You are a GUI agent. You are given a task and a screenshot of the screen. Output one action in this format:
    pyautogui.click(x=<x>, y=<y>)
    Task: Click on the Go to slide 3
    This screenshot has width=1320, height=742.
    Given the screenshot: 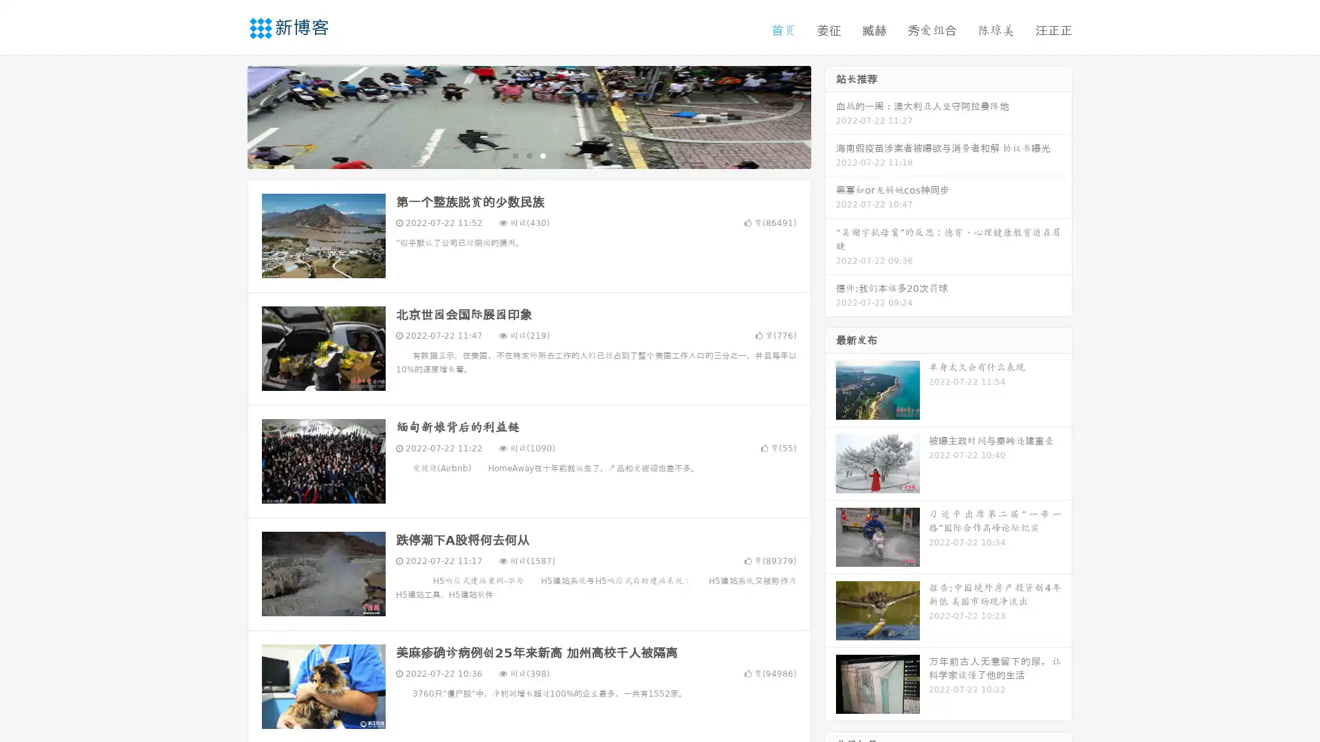 What is the action you would take?
    pyautogui.click(x=542, y=155)
    